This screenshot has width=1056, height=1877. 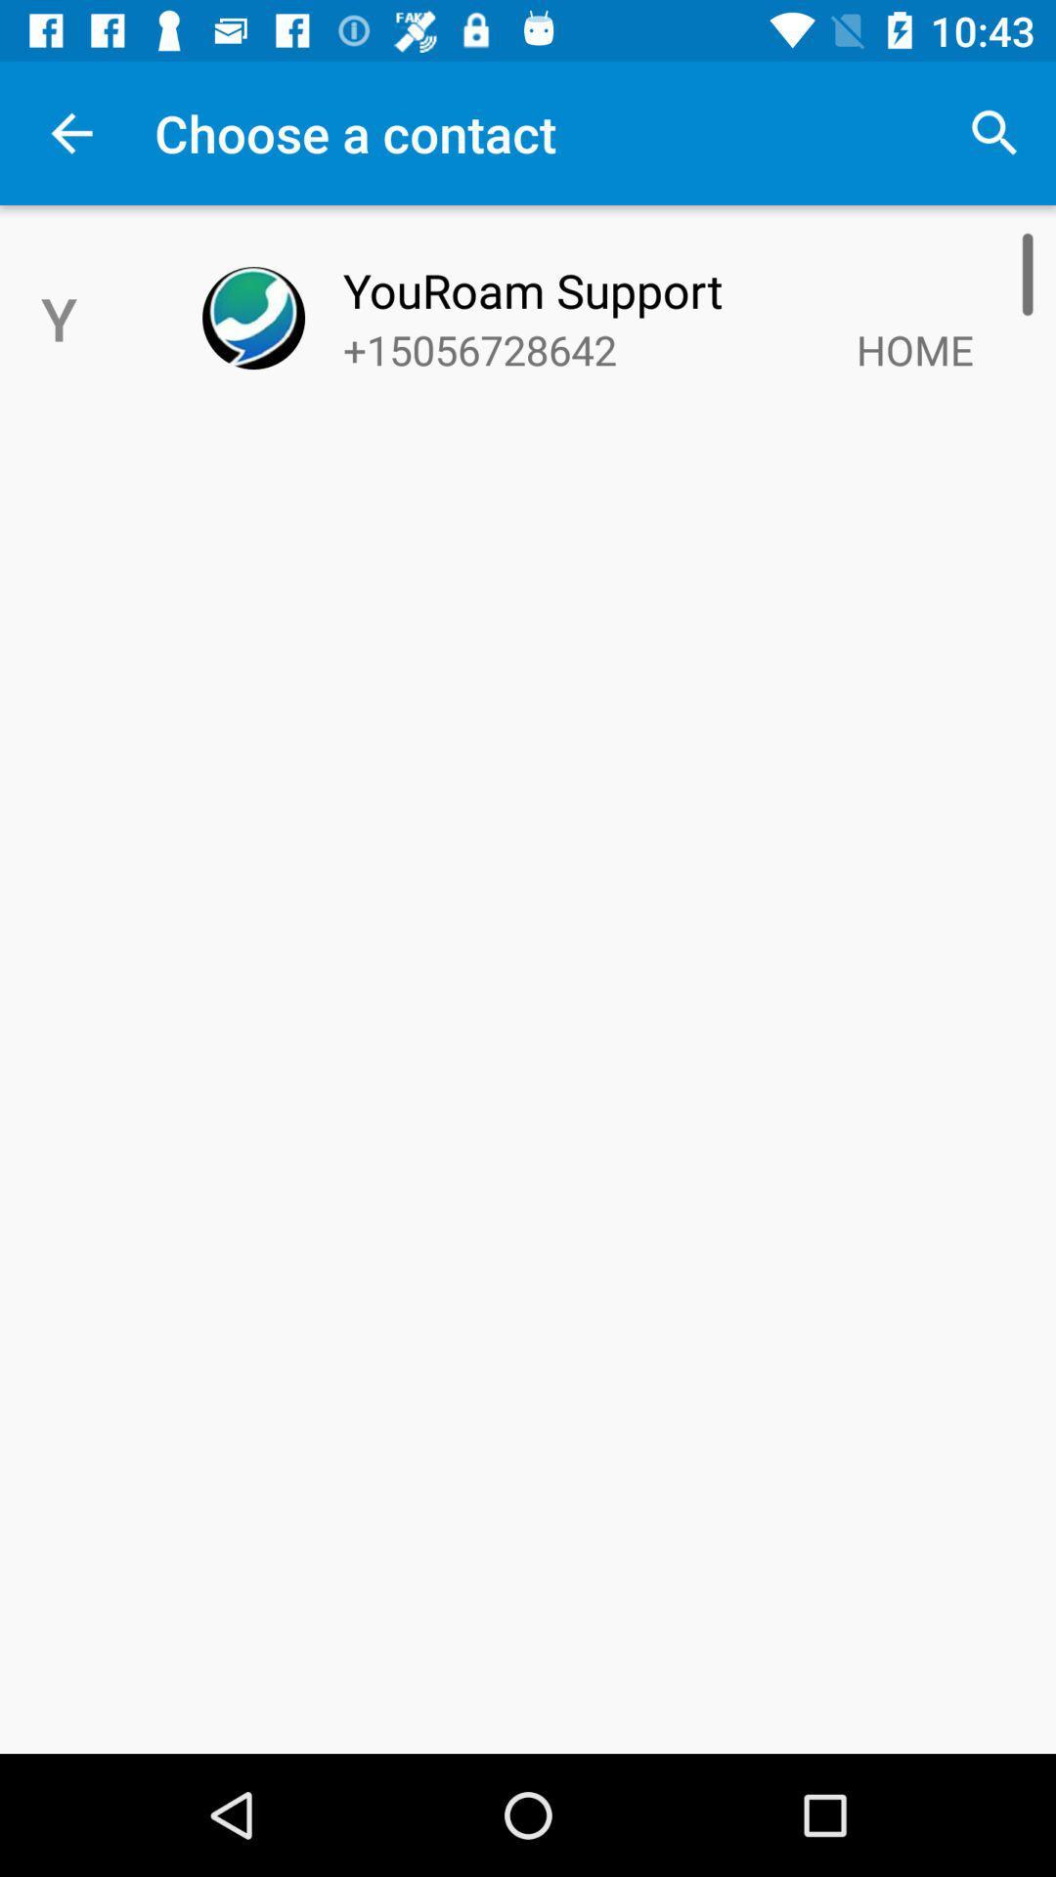 I want to click on app next to the choose a contact app, so click(x=994, y=132).